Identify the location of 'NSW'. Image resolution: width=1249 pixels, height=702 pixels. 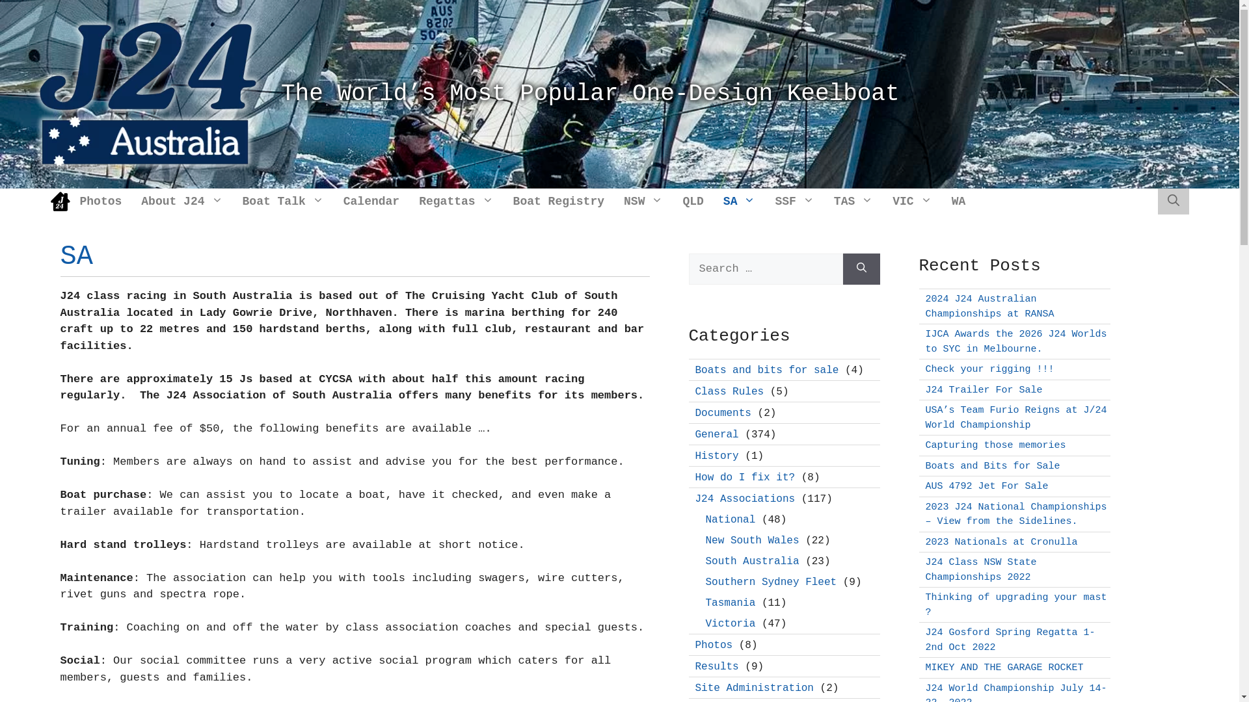
(643, 201).